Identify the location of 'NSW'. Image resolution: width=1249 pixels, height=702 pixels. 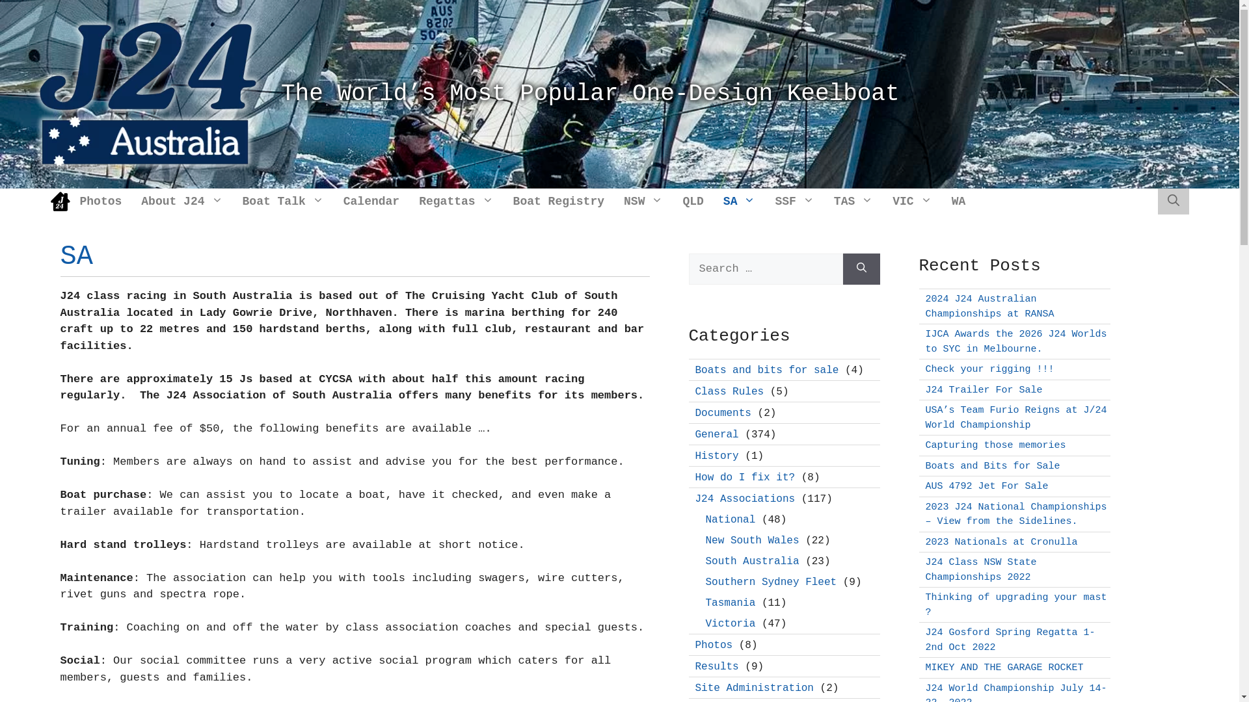
(643, 201).